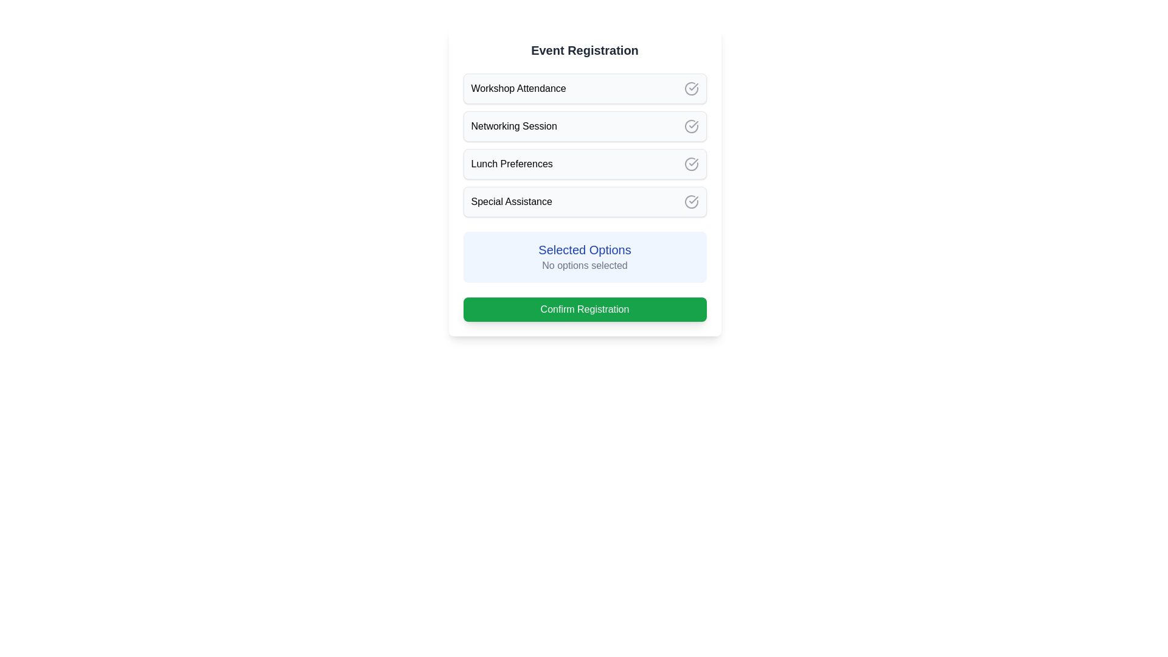  What do you see at coordinates (585, 145) in the screenshot?
I see `the list menu component for event registration` at bounding box center [585, 145].